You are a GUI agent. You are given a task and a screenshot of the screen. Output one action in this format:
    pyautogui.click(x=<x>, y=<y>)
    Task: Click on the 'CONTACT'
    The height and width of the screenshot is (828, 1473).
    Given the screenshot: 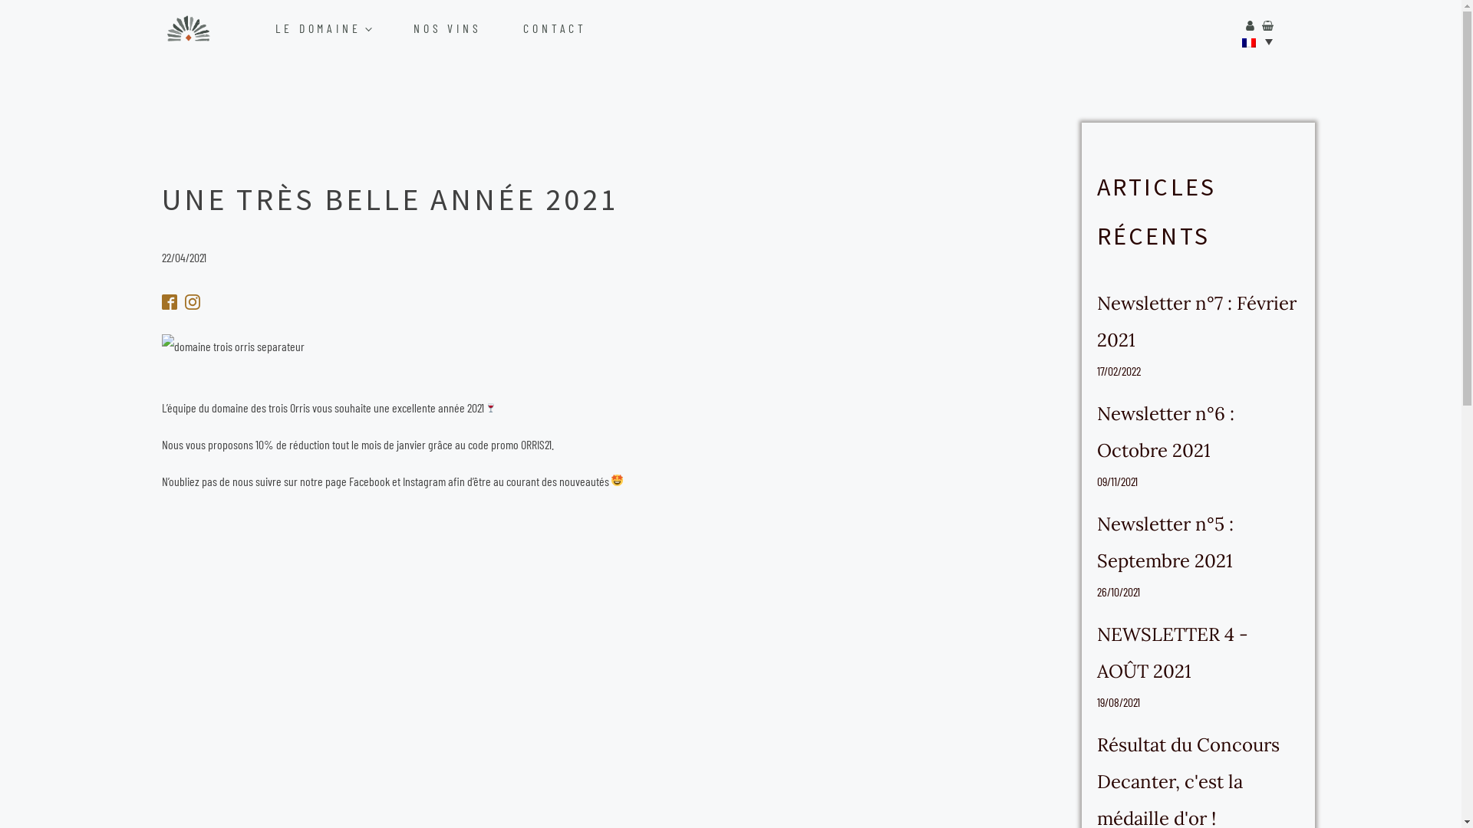 What is the action you would take?
    pyautogui.click(x=571, y=28)
    